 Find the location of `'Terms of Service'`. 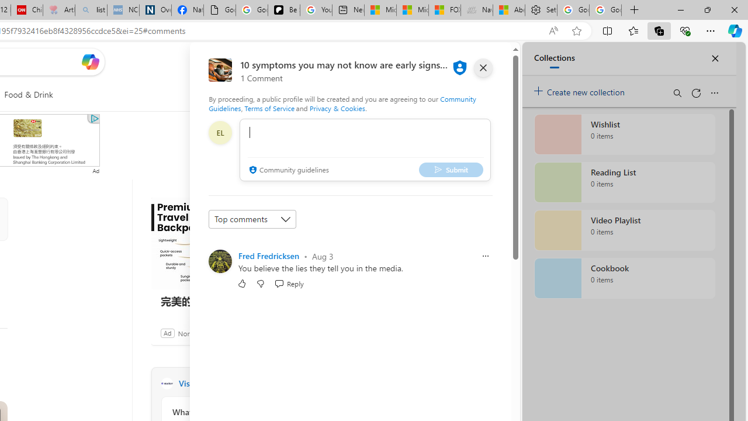

'Terms of Service' is located at coordinates (269, 108).